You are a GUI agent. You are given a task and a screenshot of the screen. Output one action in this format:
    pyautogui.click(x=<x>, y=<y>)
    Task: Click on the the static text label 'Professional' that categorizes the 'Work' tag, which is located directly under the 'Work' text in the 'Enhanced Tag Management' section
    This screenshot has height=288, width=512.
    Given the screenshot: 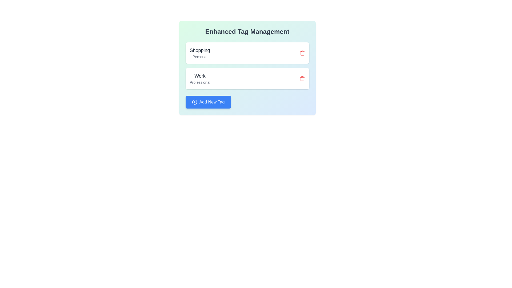 What is the action you would take?
    pyautogui.click(x=199, y=82)
    